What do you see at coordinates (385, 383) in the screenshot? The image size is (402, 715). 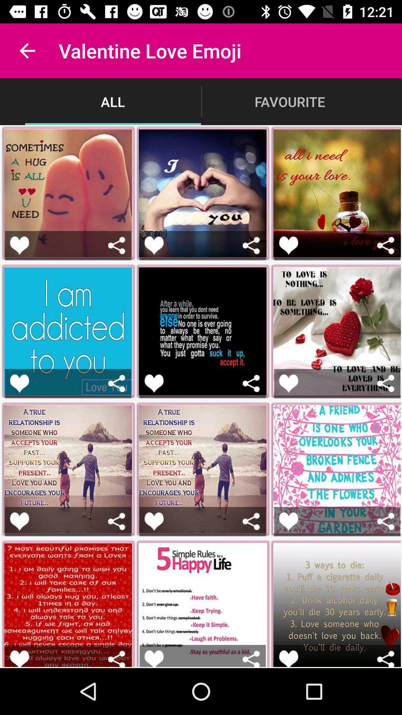 I see `share the picture` at bounding box center [385, 383].